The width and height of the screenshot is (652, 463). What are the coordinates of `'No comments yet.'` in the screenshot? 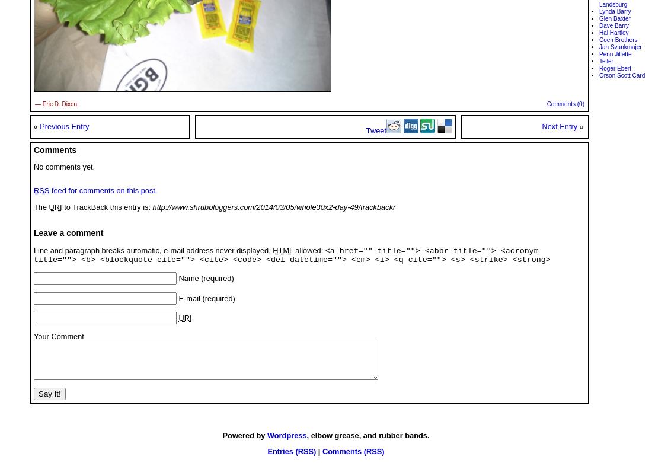 It's located at (64, 166).